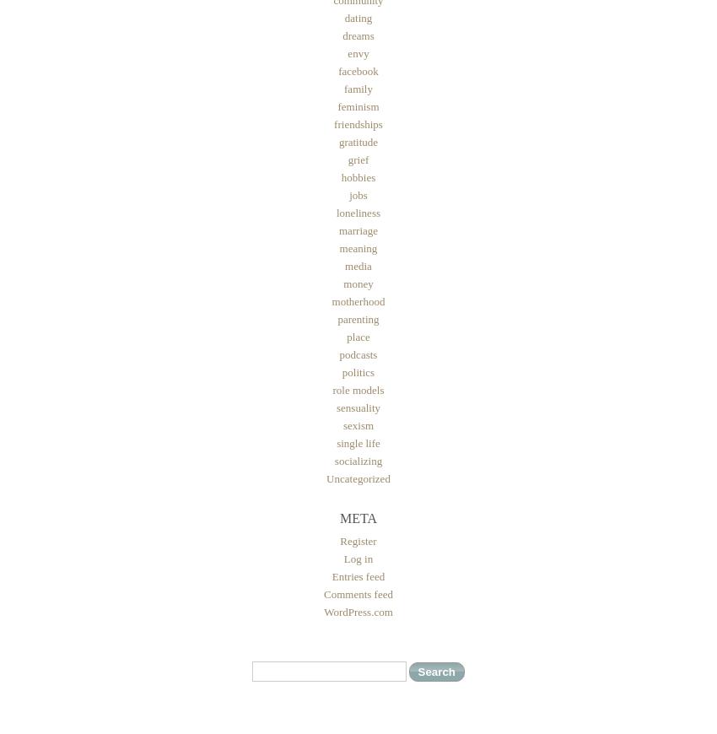 This screenshot has height=734, width=717. What do you see at coordinates (358, 35) in the screenshot?
I see `'dreams'` at bounding box center [358, 35].